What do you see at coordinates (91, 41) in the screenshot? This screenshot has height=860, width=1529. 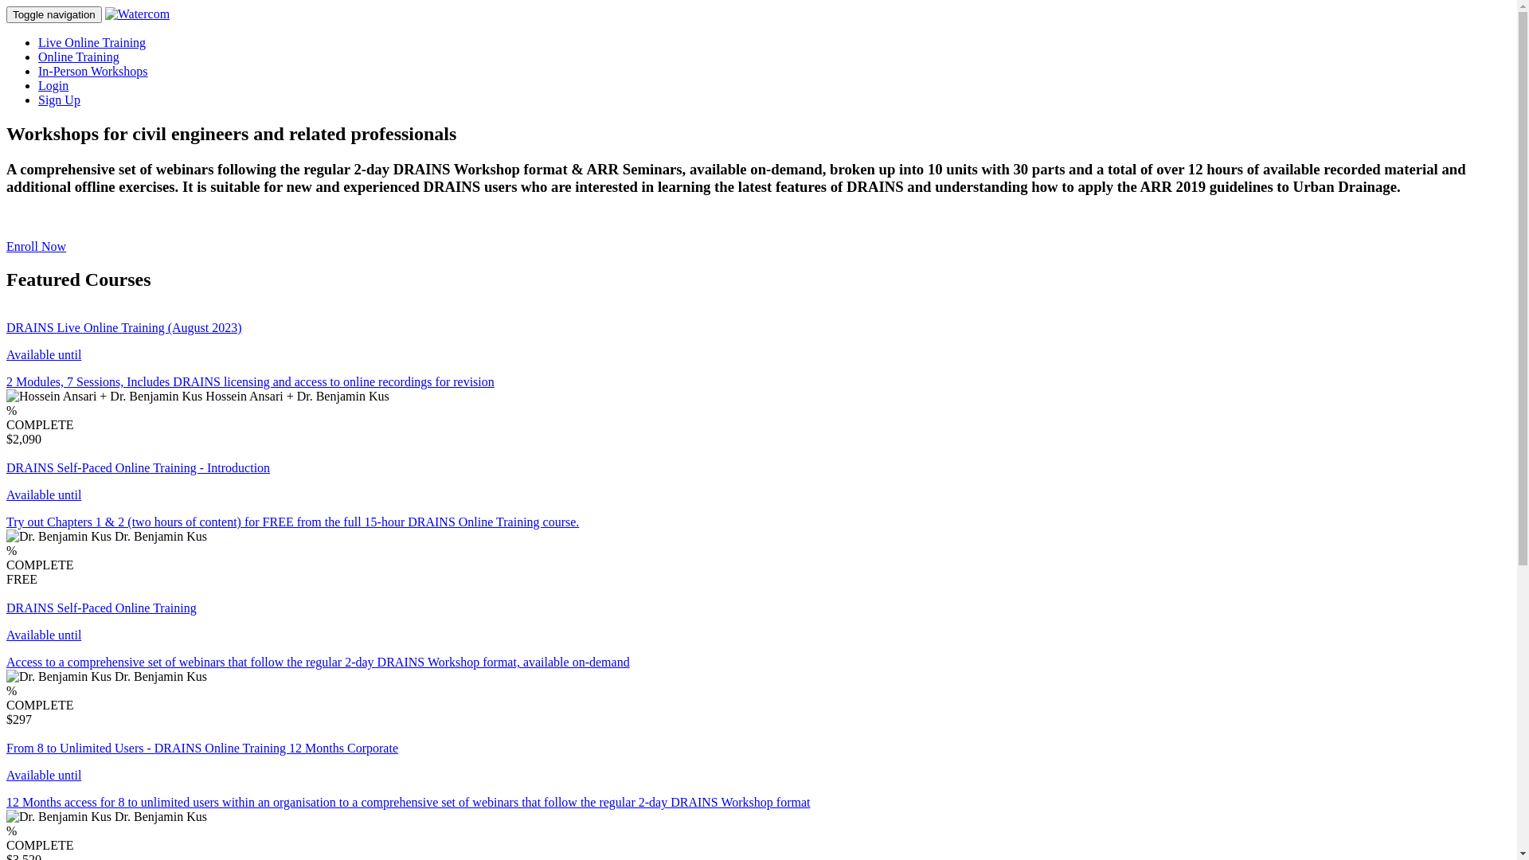 I see `'Live Online Training'` at bounding box center [91, 41].